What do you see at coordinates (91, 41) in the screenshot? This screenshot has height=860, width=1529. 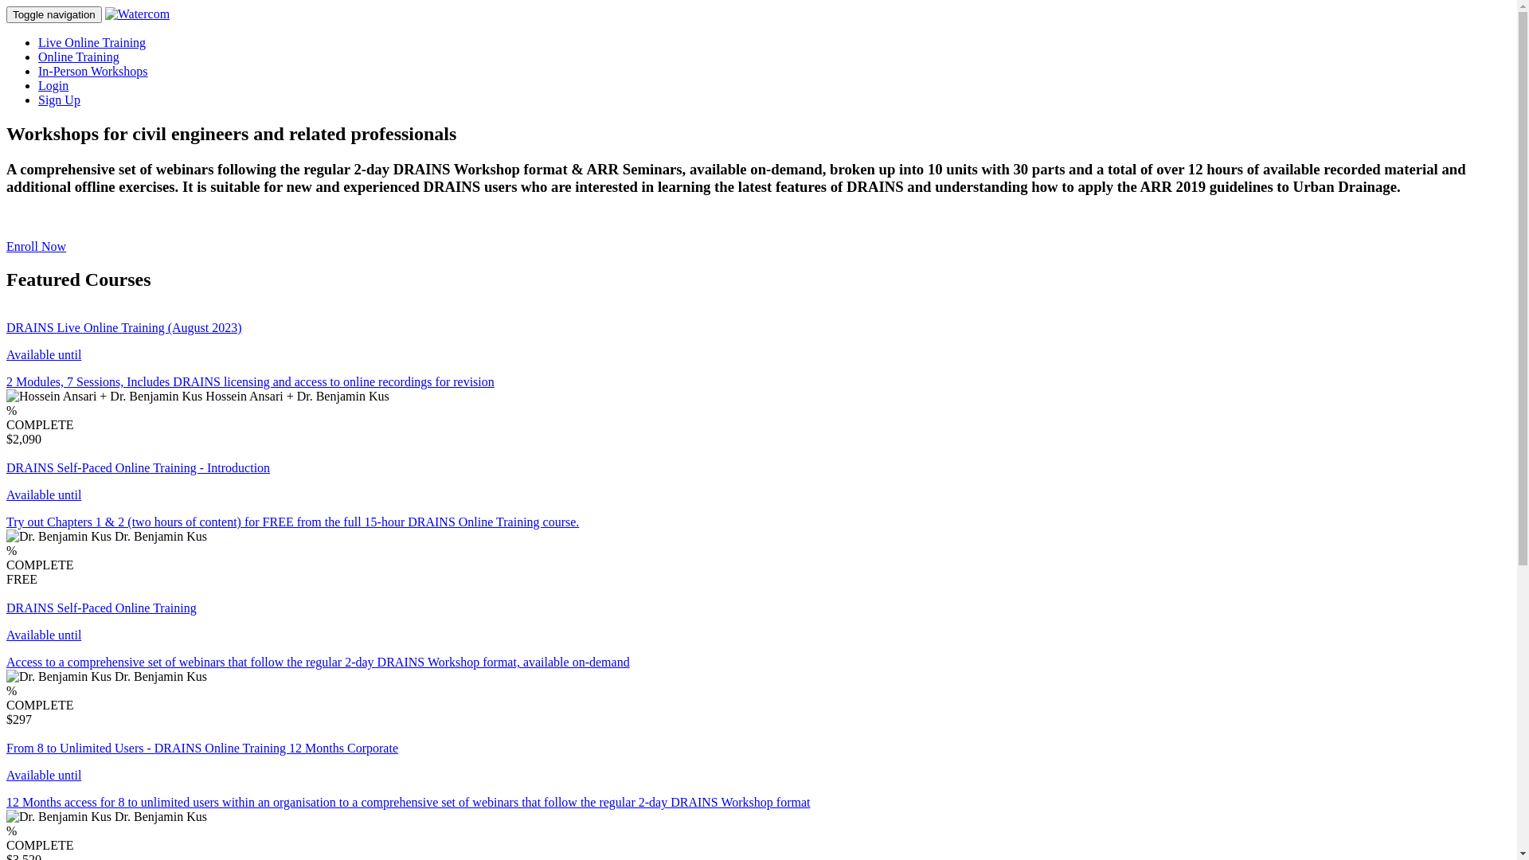 I see `'Live Online Training'` at bounding box center [91, 41].